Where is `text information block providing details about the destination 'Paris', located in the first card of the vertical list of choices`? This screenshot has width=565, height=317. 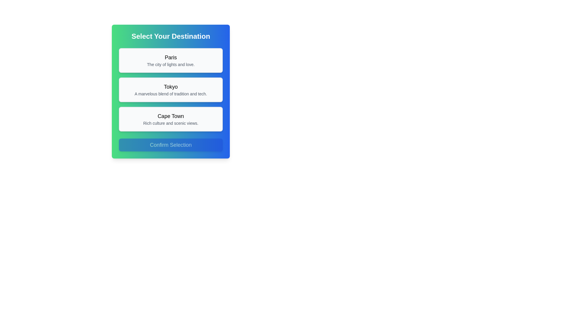 text information block providing details about the destination 'Paris', located in the first card of the vertical list of choices is located at coordinates (170, 60).